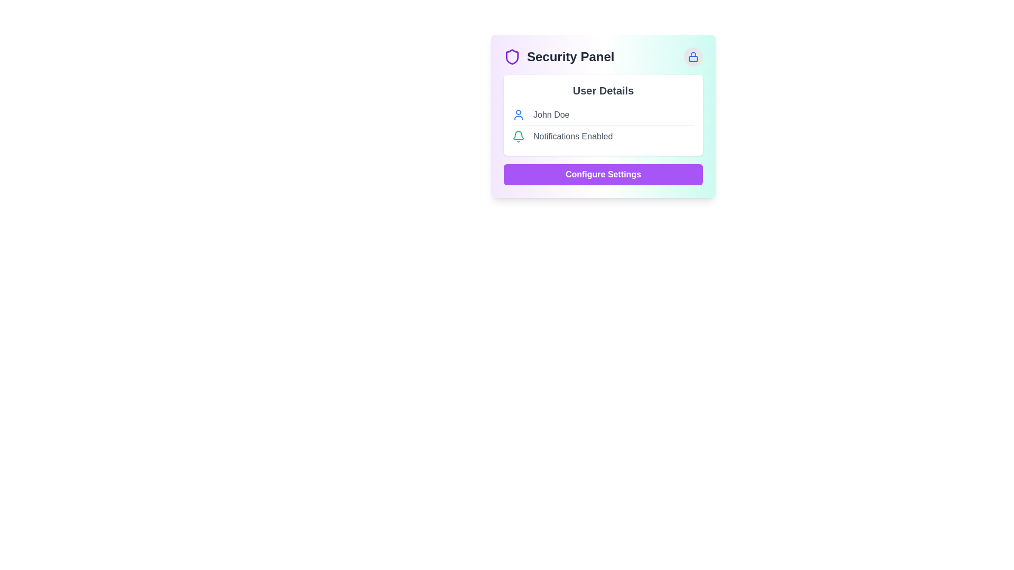 This screenshot has width=1014, height=570. I want to click on shield-shaped icon with purple lines and a white interior, located near the title 'Security Panel', so click(512, 57).